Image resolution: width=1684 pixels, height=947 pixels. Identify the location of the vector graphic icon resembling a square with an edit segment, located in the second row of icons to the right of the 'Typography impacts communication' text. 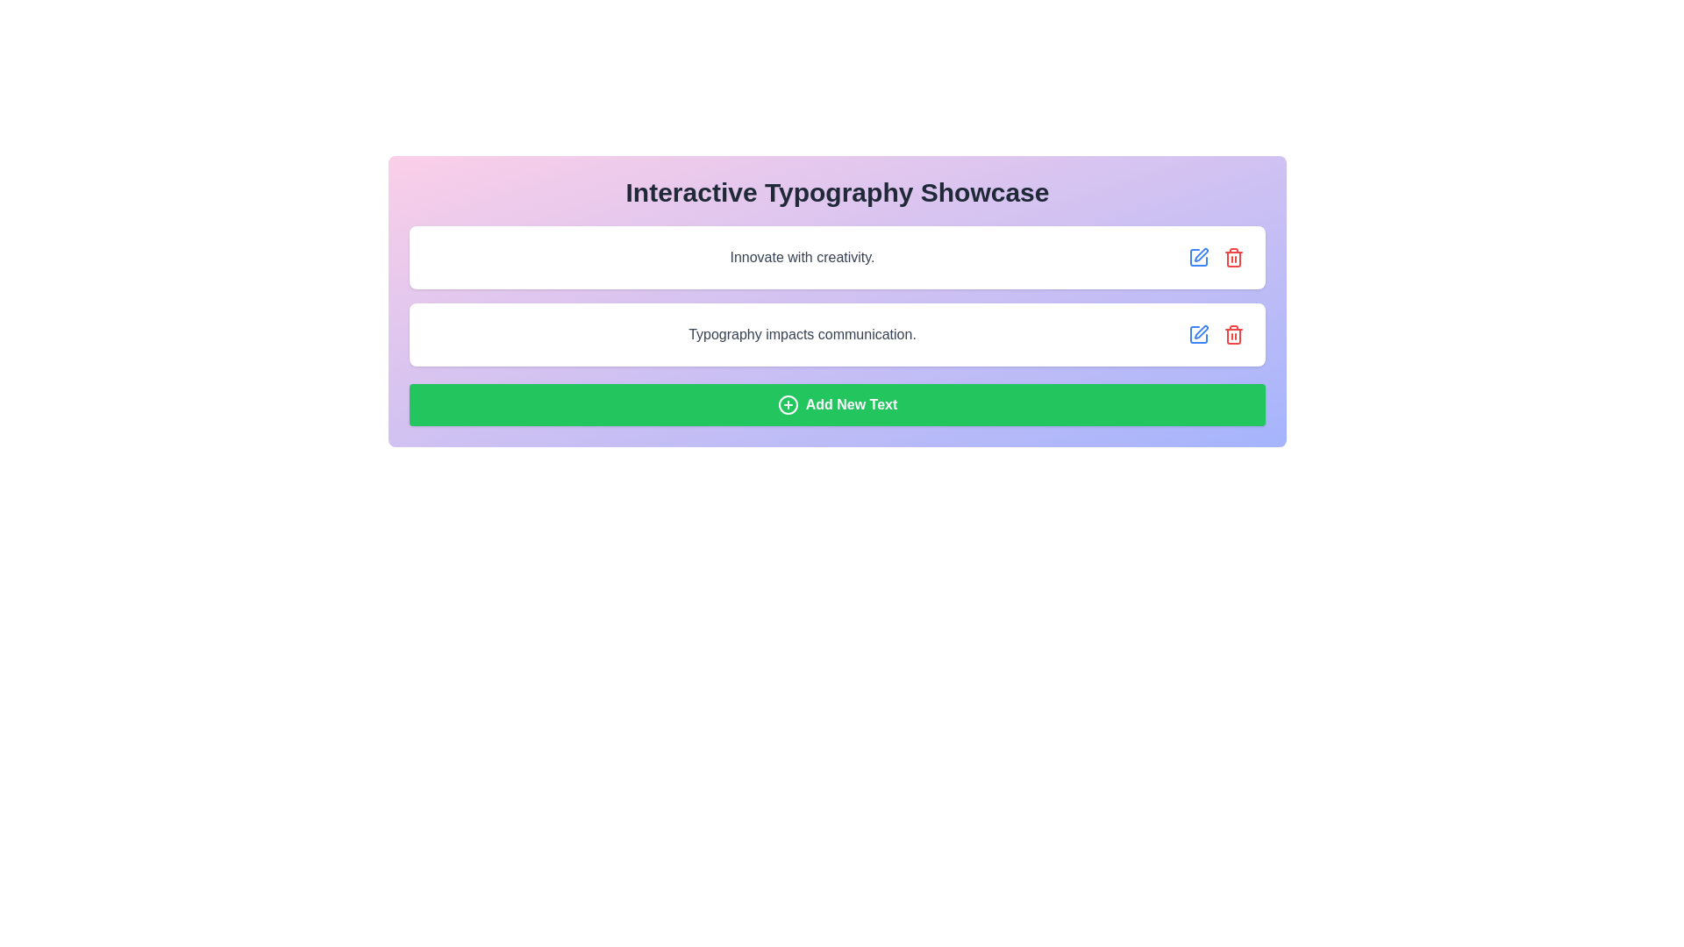
(1198, 257).